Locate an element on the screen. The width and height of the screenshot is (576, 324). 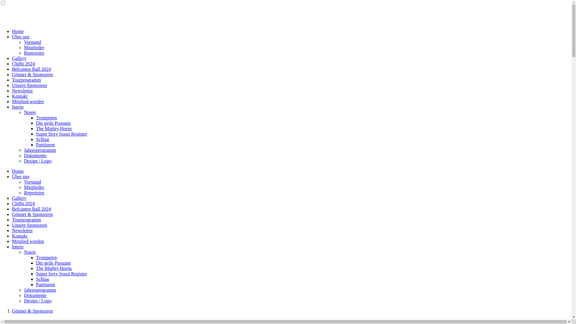
'Super Sexy Sousi Register' is located at coordinates (61, 274).